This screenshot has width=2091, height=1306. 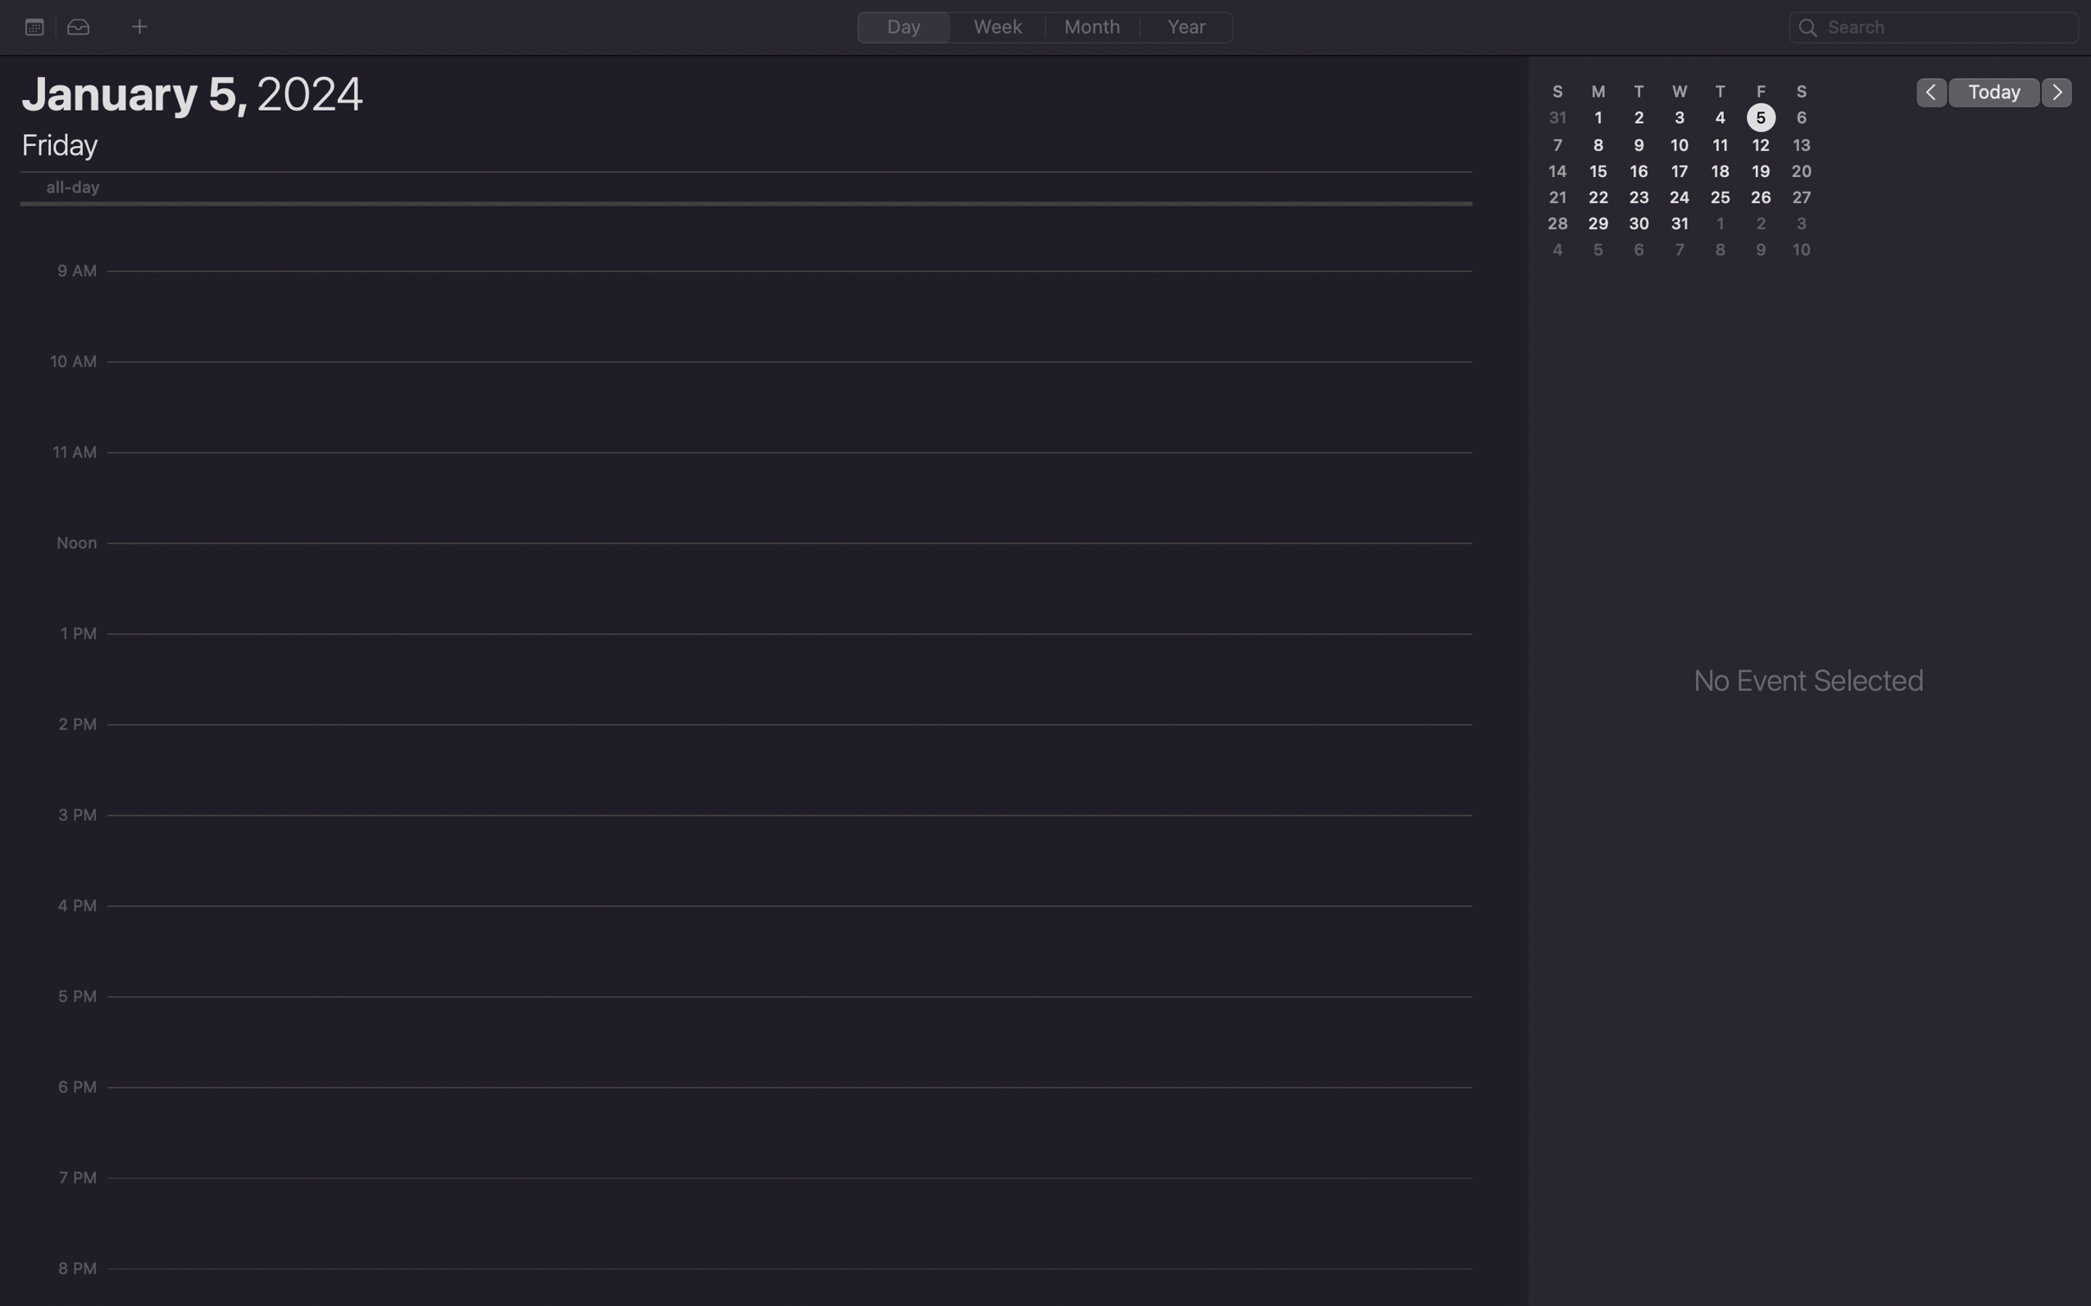 What do you see at coordinates (1639, 117) in the screenshot?
I see `Interact with the numeral 2 displayed on the interface` at bounding box center [1639, 117].